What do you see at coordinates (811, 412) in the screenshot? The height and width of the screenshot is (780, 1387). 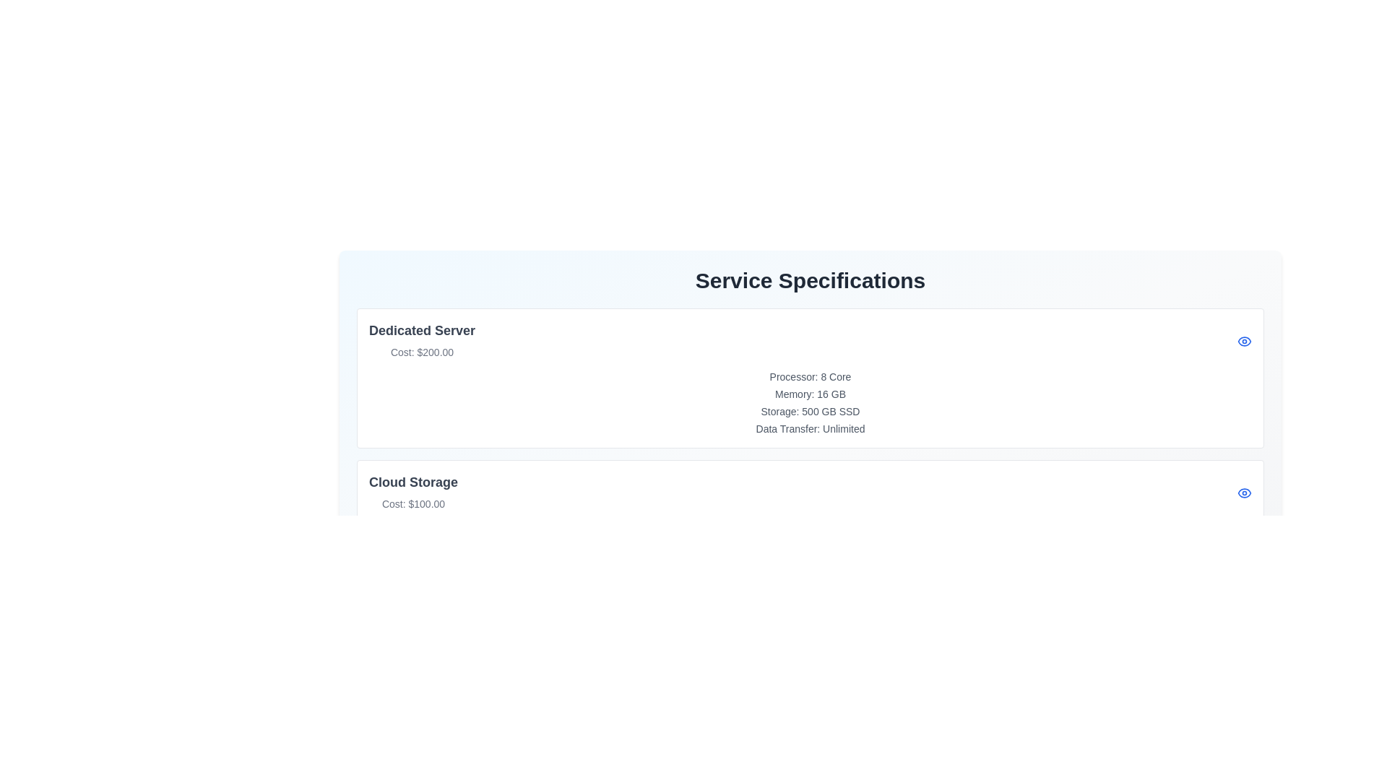 I see `the static text label that informs the user about the storage specification of the dedicated server, specifically mentioning the 500 GB SSD, located below 'Memory: 16 GB' and above 'Data Transfer: Unlimited'` at bounding box center [811, 412].